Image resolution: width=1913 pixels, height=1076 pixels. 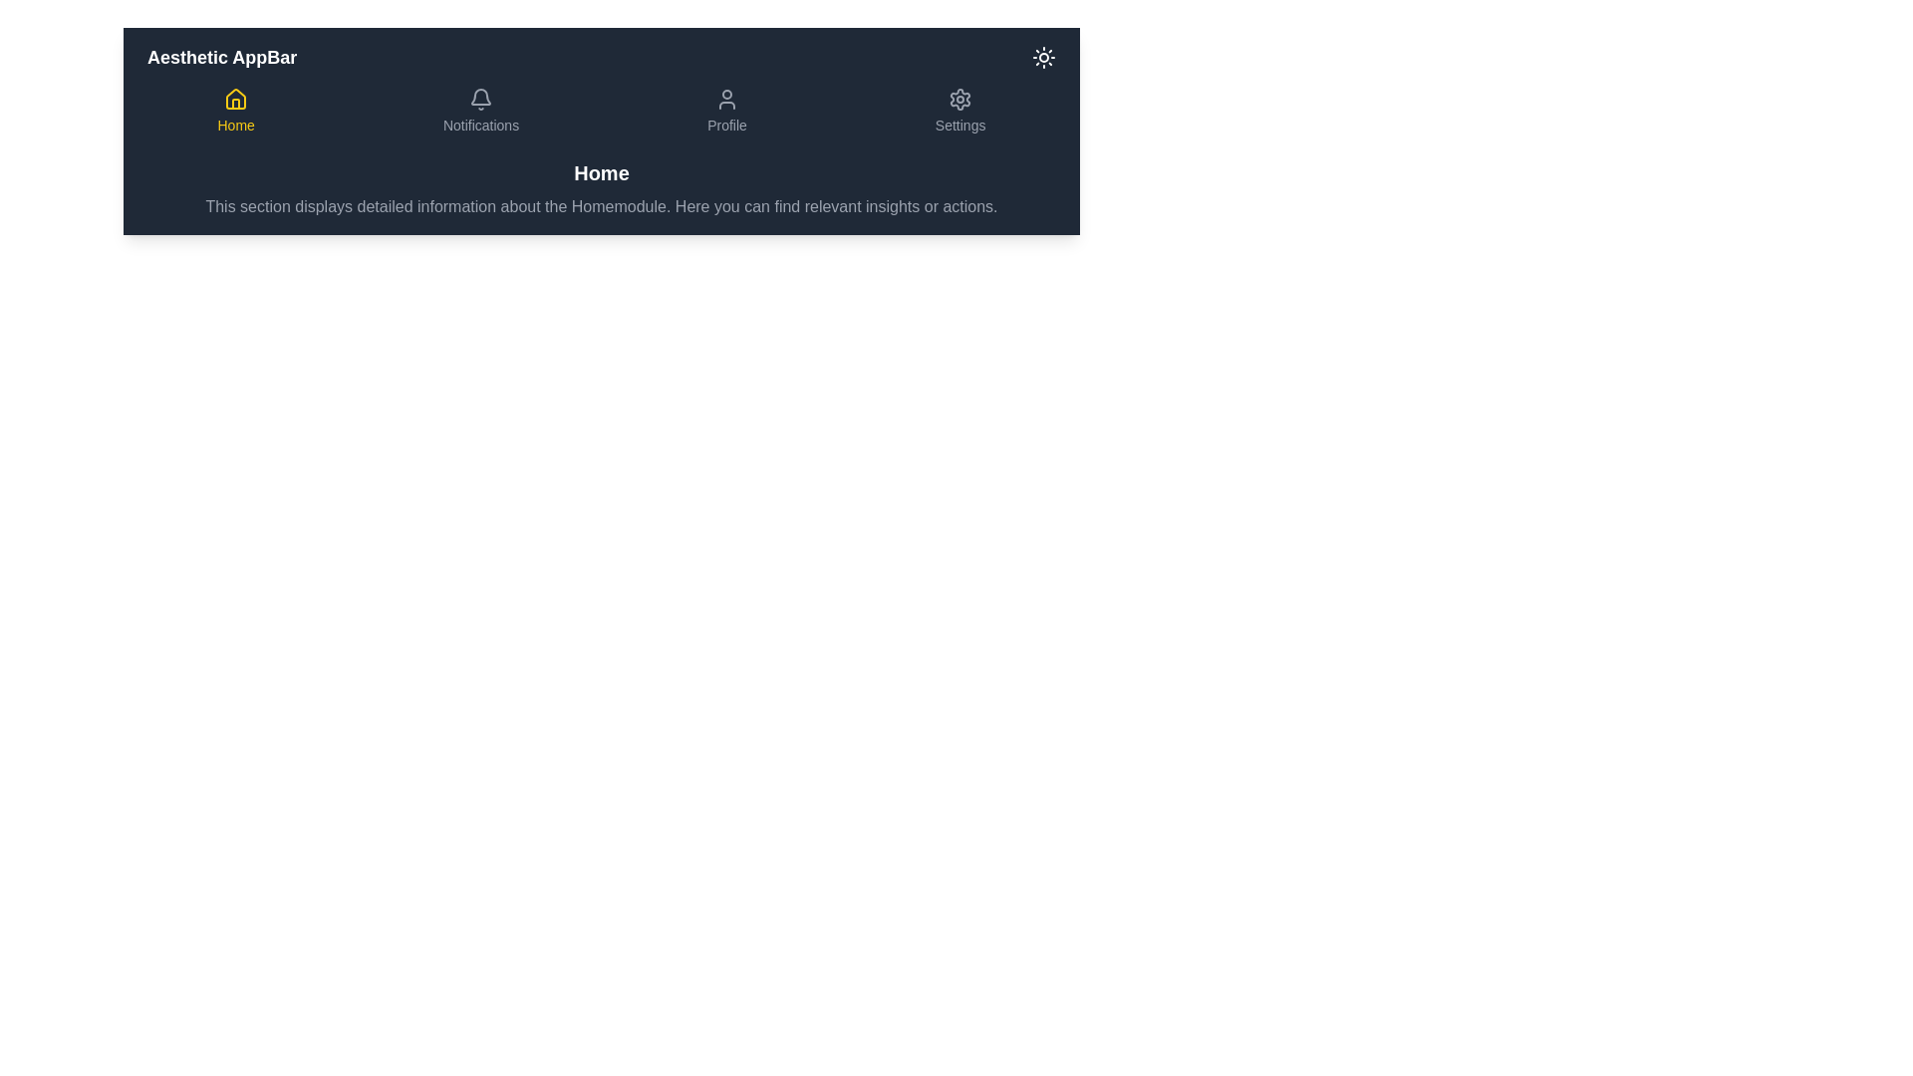 What do you see at coordinates (725, 111) in the screenshot?
I see `the tab labeled Profile to view its detailed information` at bounding box center [725, 111].